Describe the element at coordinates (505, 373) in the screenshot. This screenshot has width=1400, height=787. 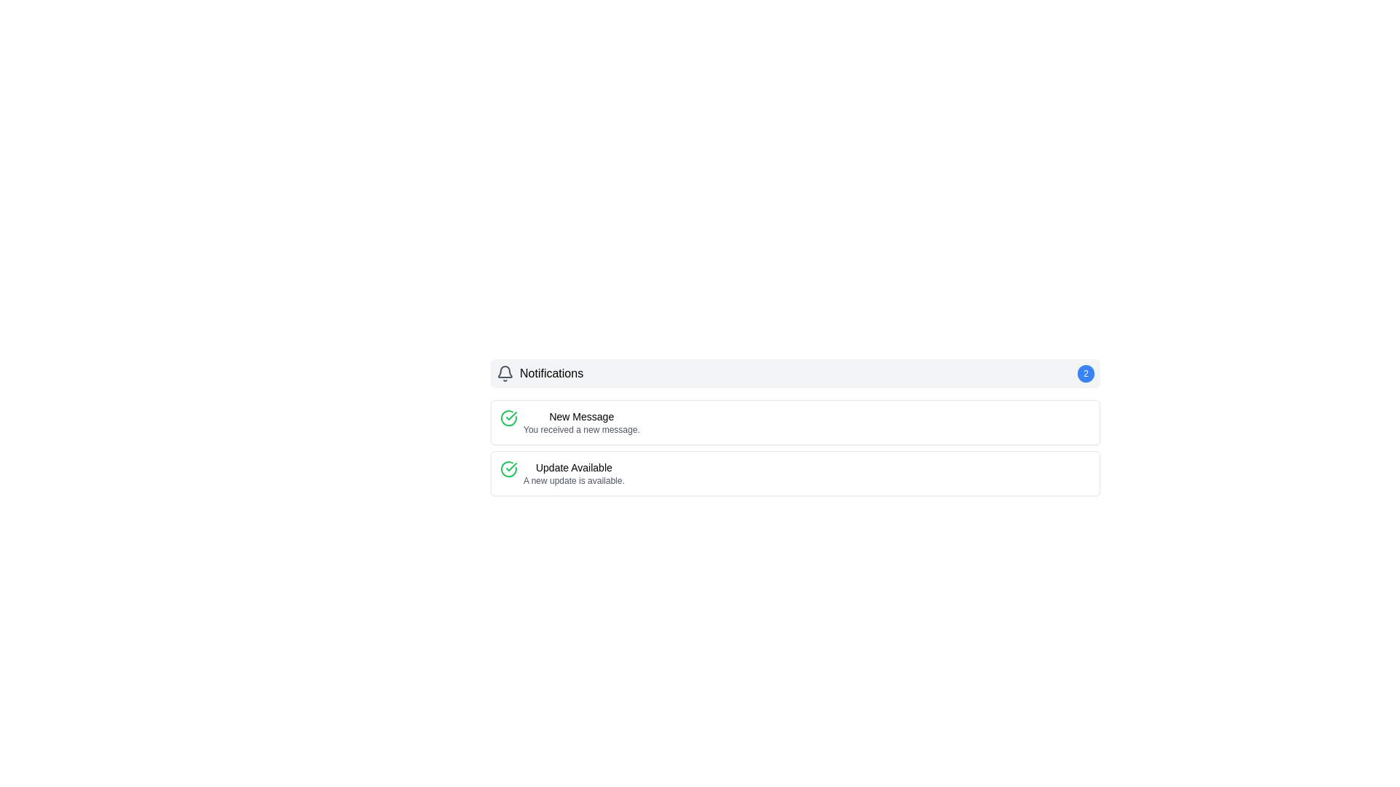
I see `the bell icon representing notifications` at that location.